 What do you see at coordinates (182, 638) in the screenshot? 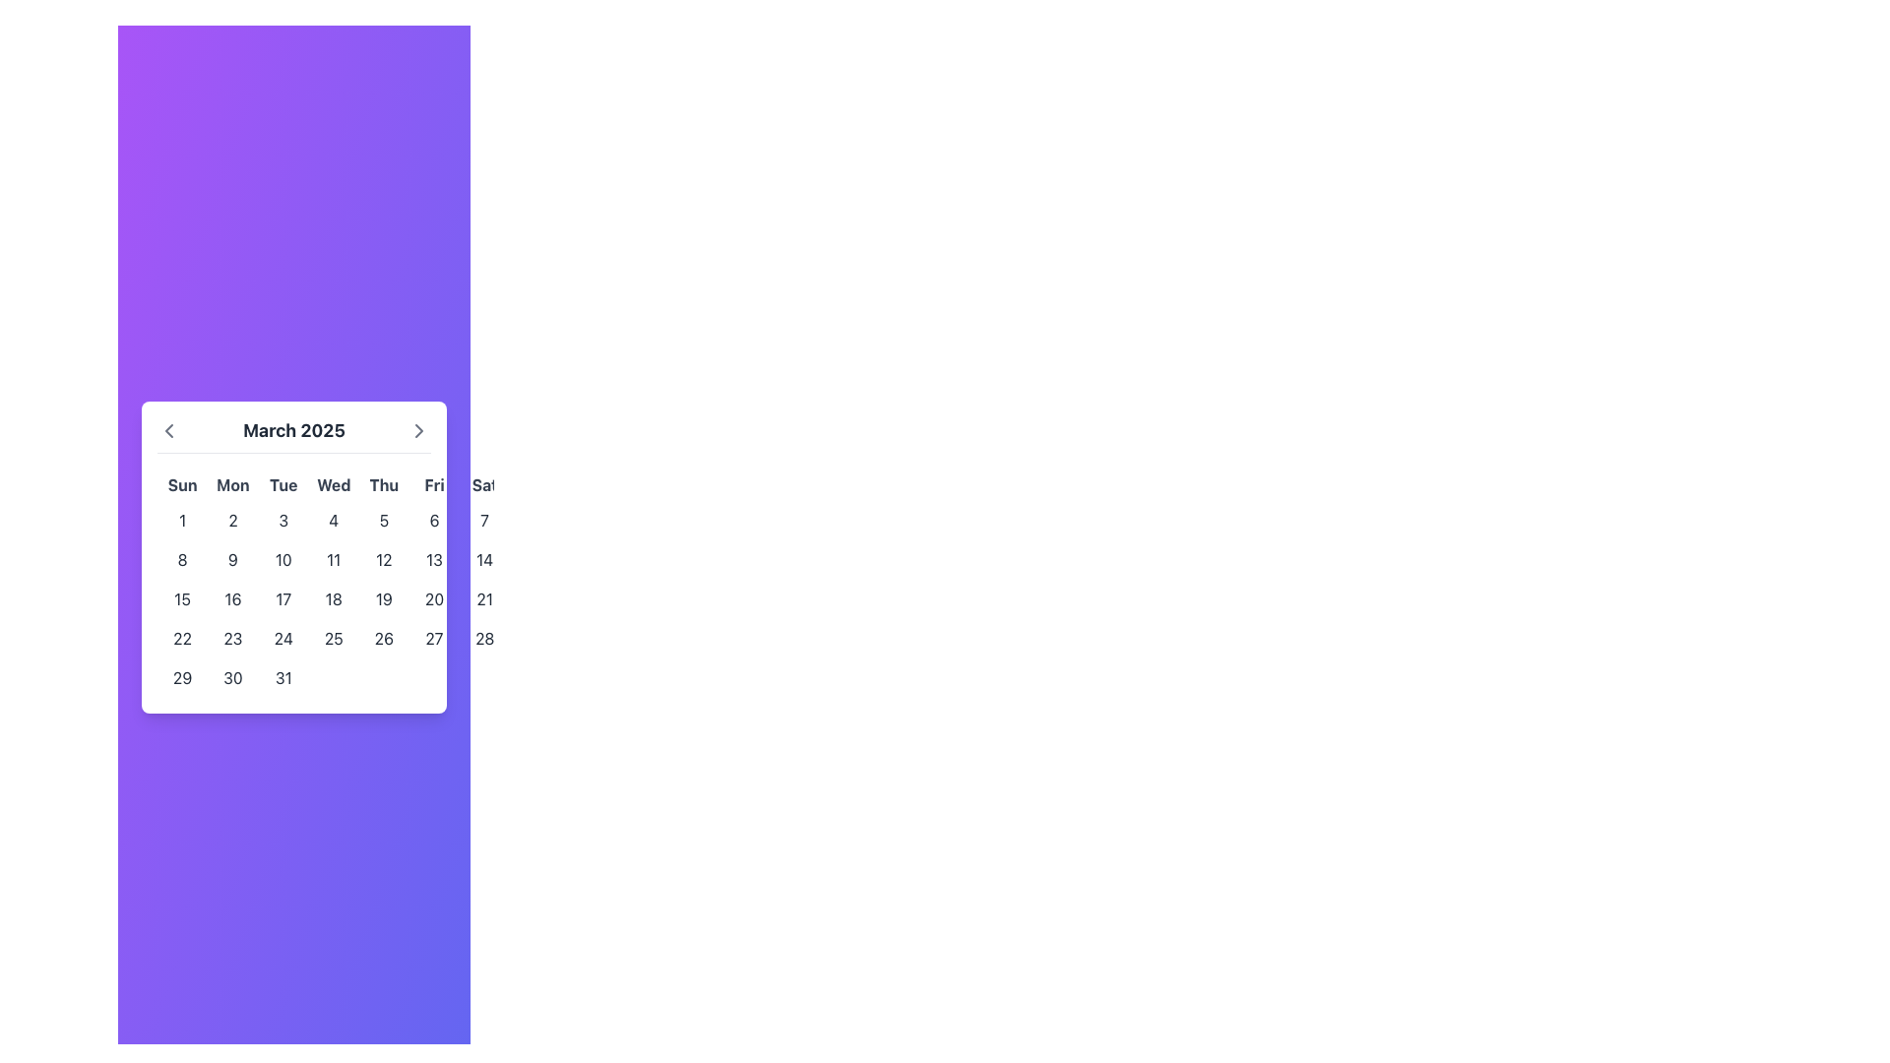
I see `the Calendar day tile with the number '22' that is the first element in a horizontally arranged group of numbers` at bounding box center [182, 638].